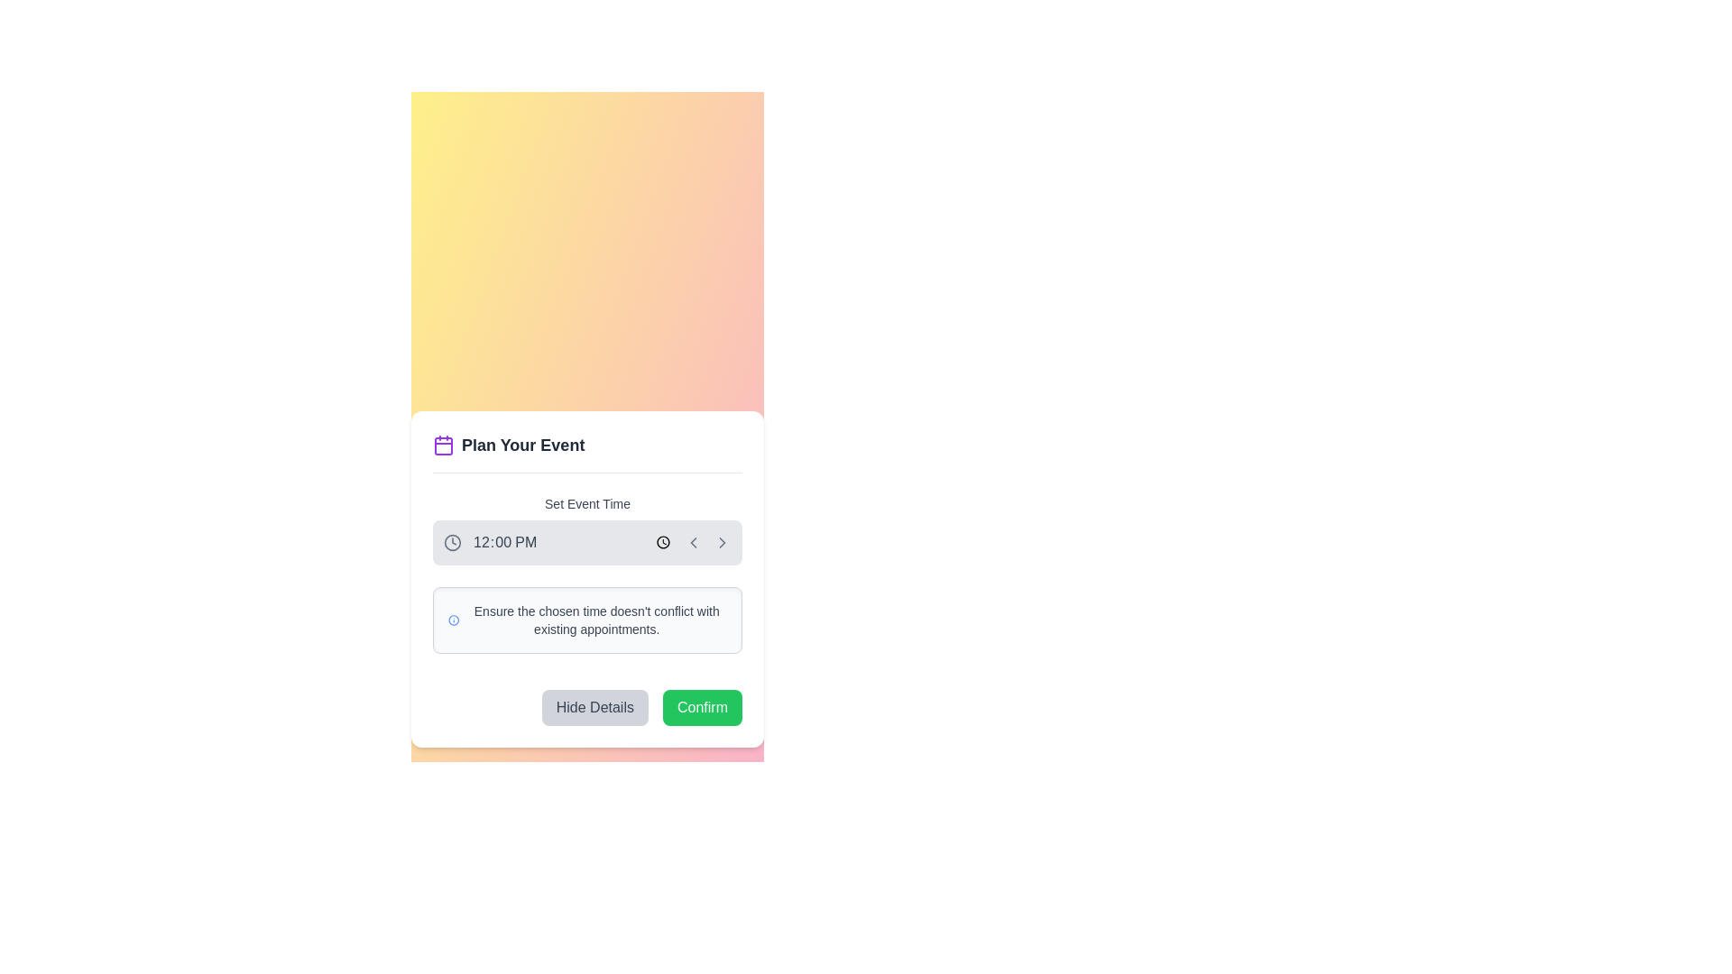  I want to click on the left arrow in the 'Set Event Time' input field group to decrease the time displayed, so click(587, 528).